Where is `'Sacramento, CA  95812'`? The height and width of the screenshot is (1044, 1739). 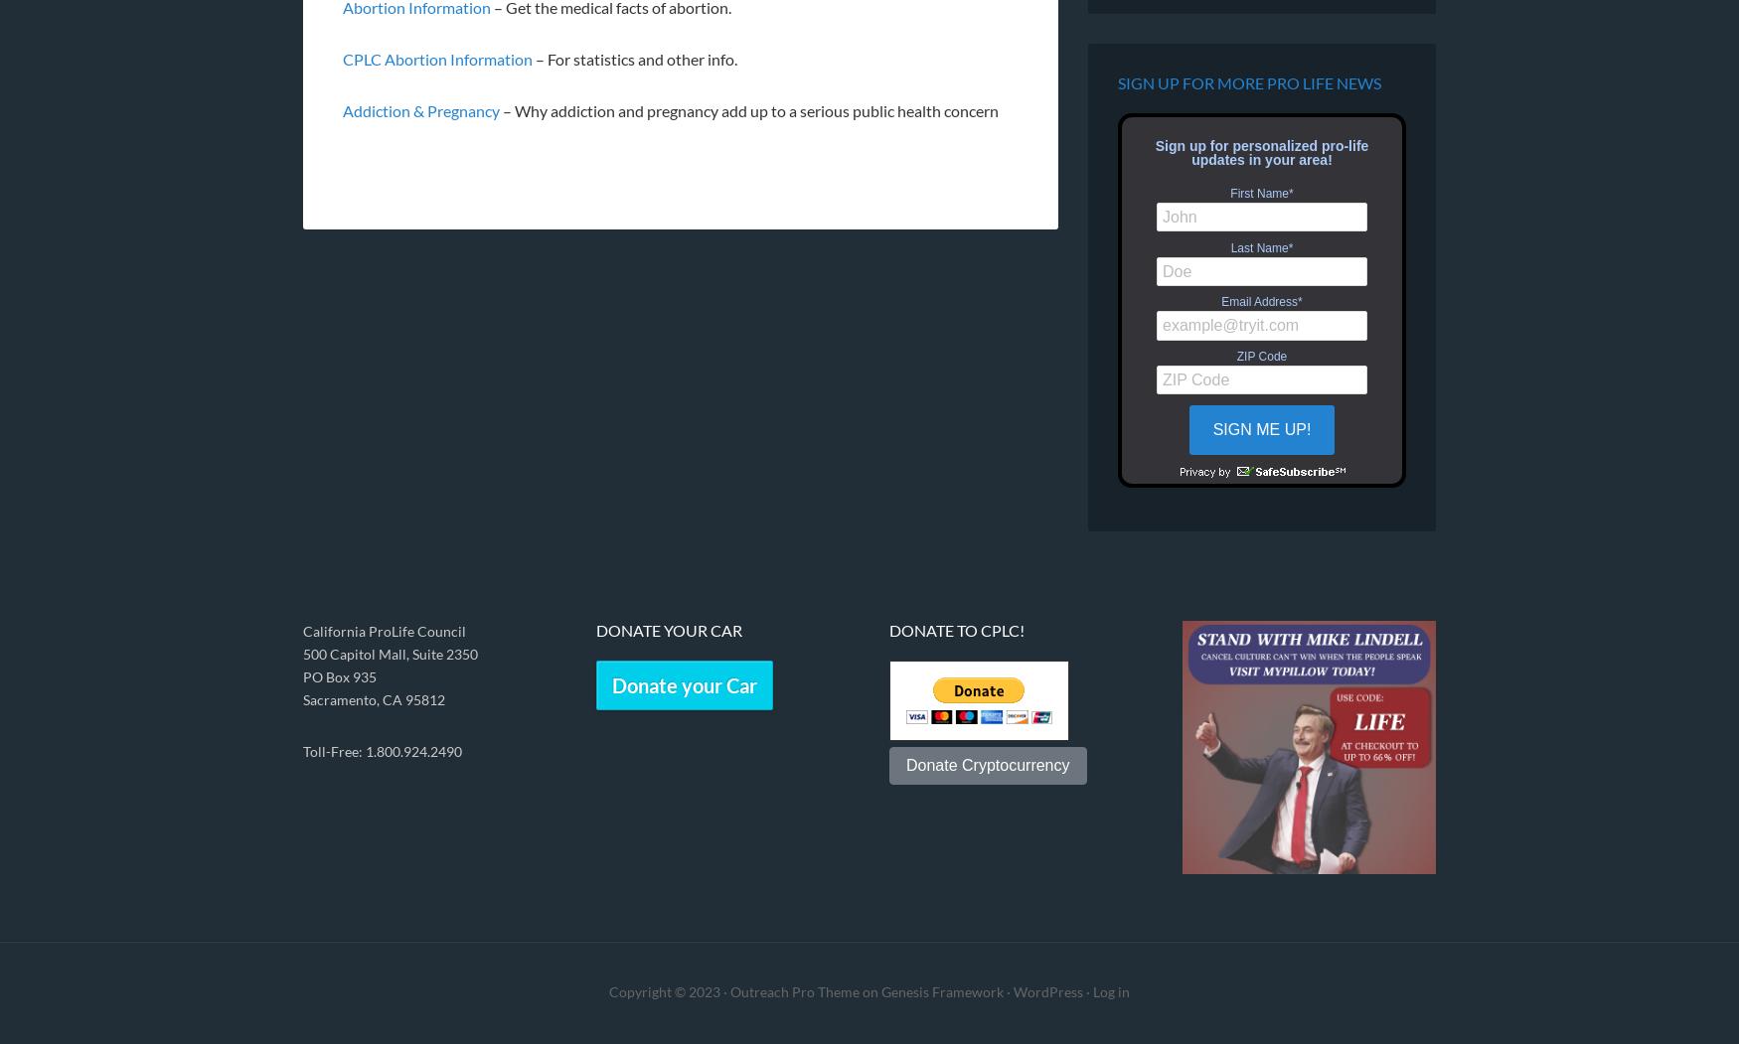 'Sacramento, CA  95812' is located at coordinates (302, 697).